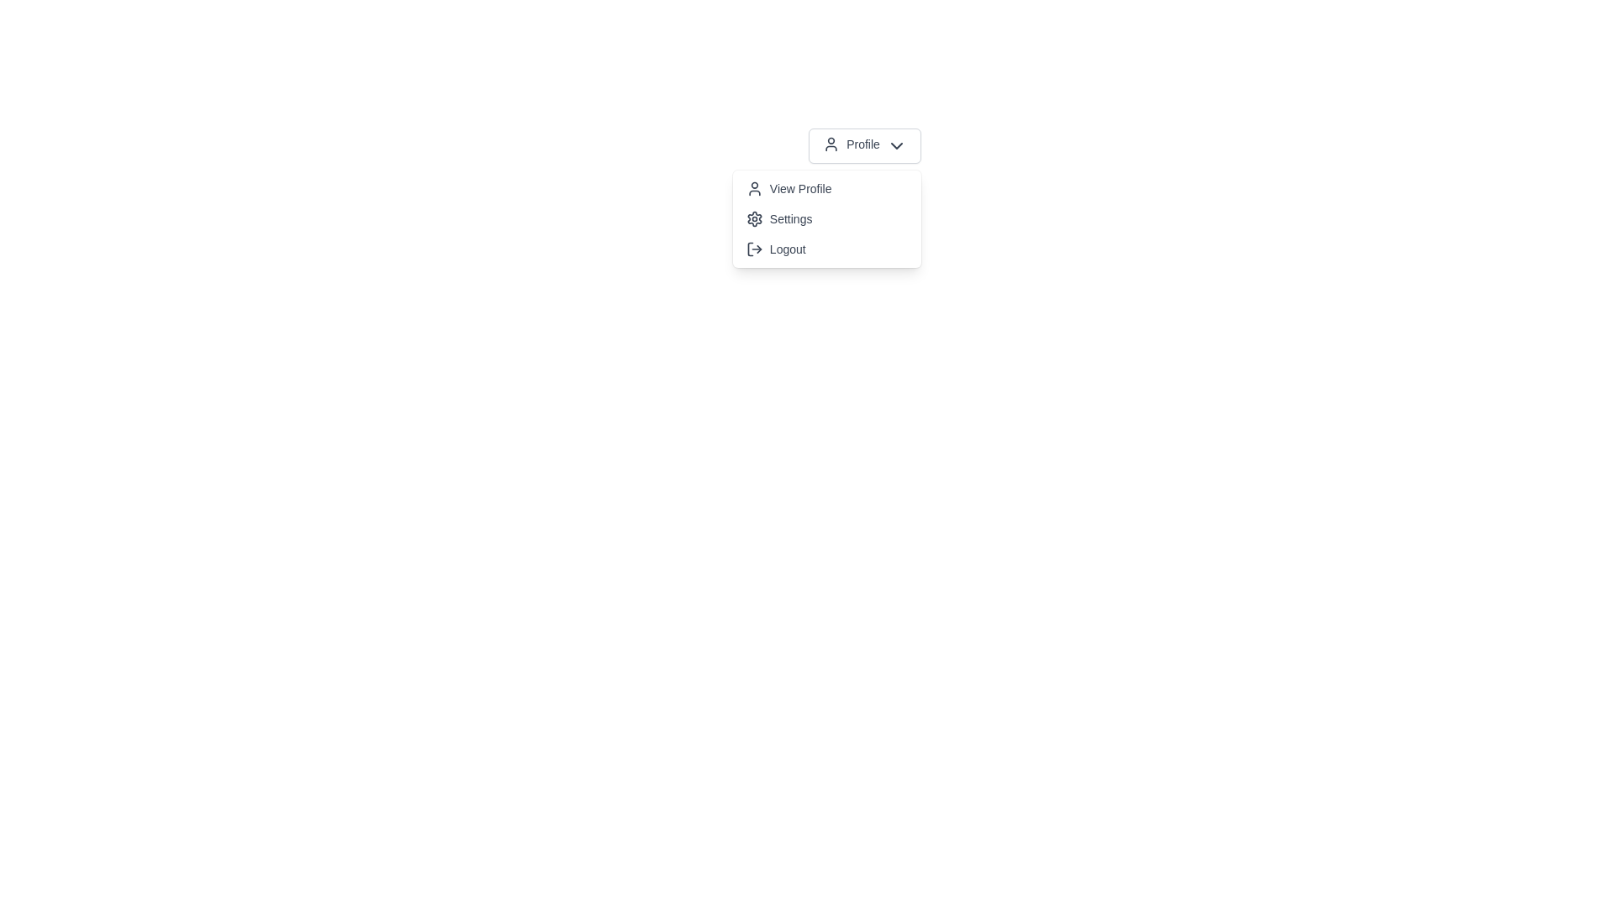 The height and width of the screenshot is (907, 1614). What do you see at coordinates (826, 249) in the screenshot?
I see `the 'Logout' button in the Profile menu, which is the third item listed below 'View Profile' and 'Settings'` at bounding box center [826, 249].